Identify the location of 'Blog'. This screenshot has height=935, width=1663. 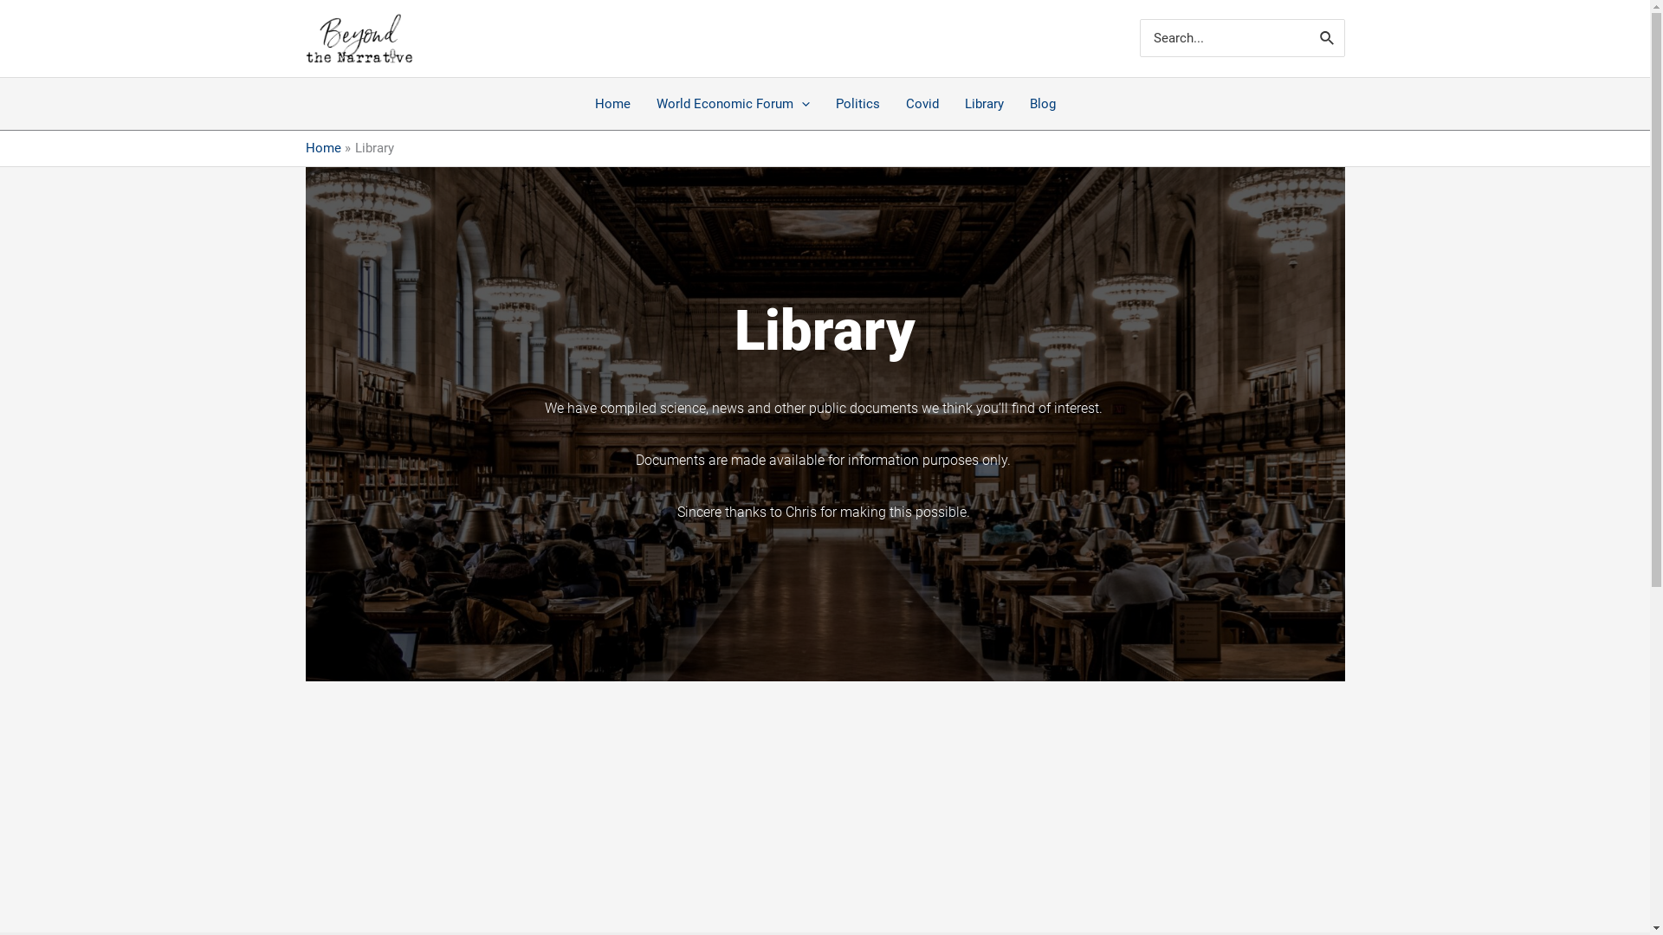
(1017, 103).